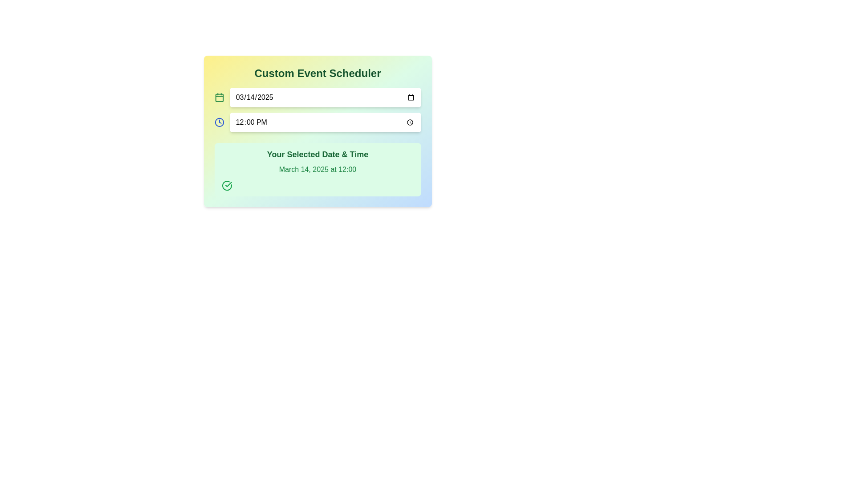 Image resolution: width=855 pixels, height=481 pixels. Describe the element at coordinates (227, 185) in the screenshot. I see `the circular icon with a check mark inside, located at the bottom-left corner of the 'Your Selected Date & Time' section, below 'March 14, 2025 at 12:00.'` at that location.